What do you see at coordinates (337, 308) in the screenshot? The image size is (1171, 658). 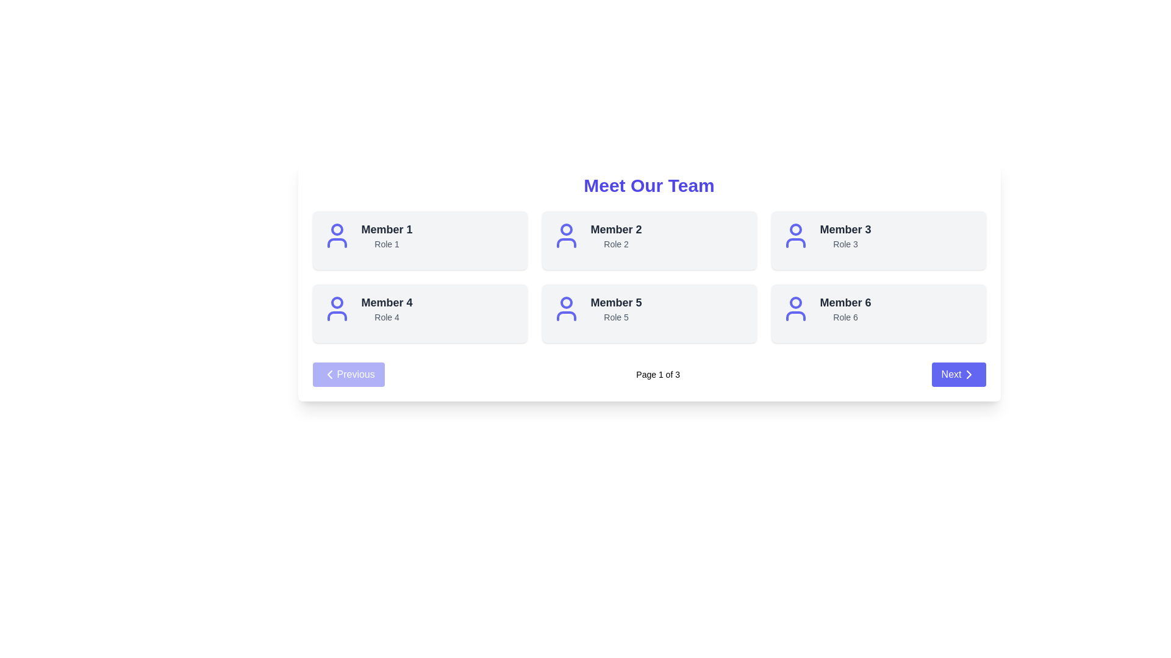 I see `the user icon represented as an SVG graphic, styled in purple, located within the fourth card for 'Member 4' on the left side of the card` at bounding box center [337, 308].